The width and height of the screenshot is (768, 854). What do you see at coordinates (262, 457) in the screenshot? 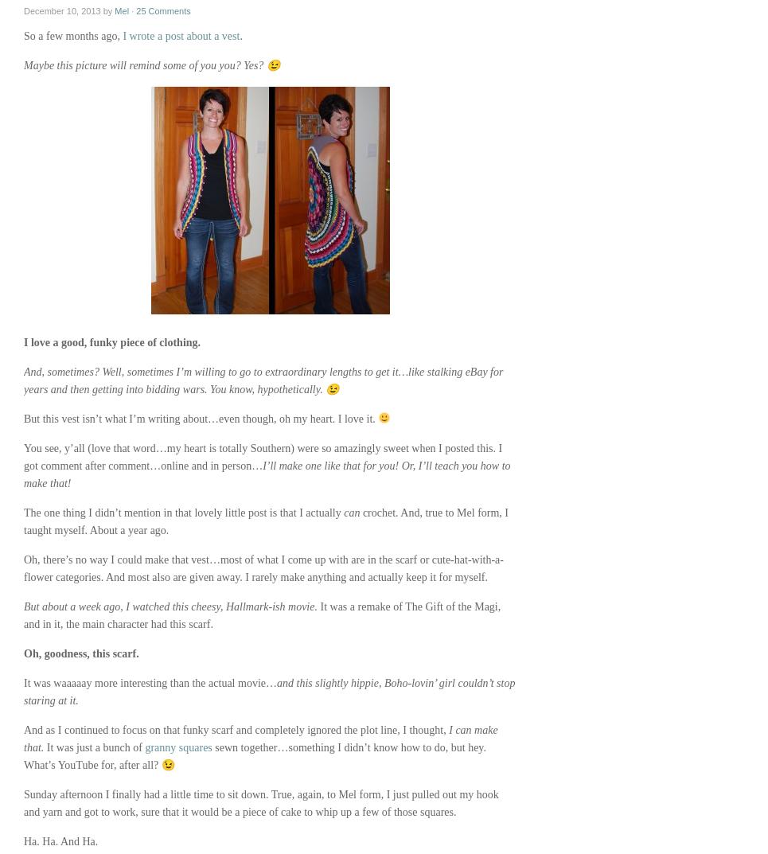
I see `'You see, y’all (love that word…my heart is totally Southern) were so amazingly sweet when I posted this. I got comment after comment…online and in person…'` at bounding box center [262, 457].